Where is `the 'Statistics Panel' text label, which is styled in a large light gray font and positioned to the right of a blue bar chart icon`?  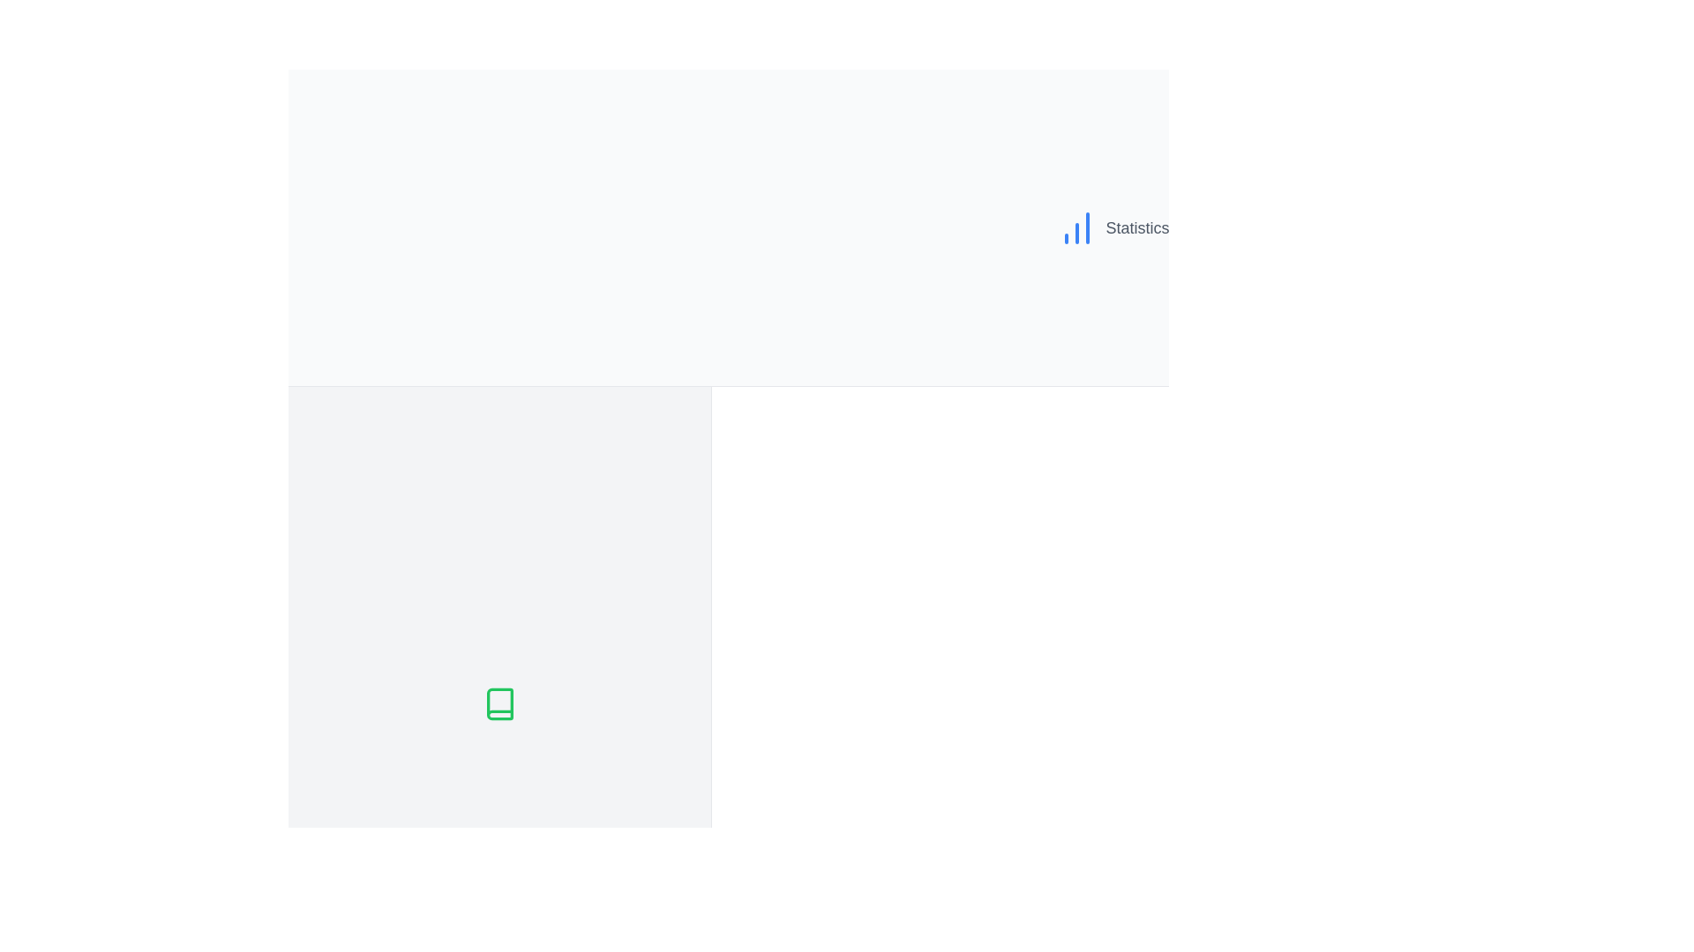
the 'Statistics Panel' text label, which is styled in a large light gray font and positioned to the right of a blue bar chart icon is located at coordinates (1160, 227).